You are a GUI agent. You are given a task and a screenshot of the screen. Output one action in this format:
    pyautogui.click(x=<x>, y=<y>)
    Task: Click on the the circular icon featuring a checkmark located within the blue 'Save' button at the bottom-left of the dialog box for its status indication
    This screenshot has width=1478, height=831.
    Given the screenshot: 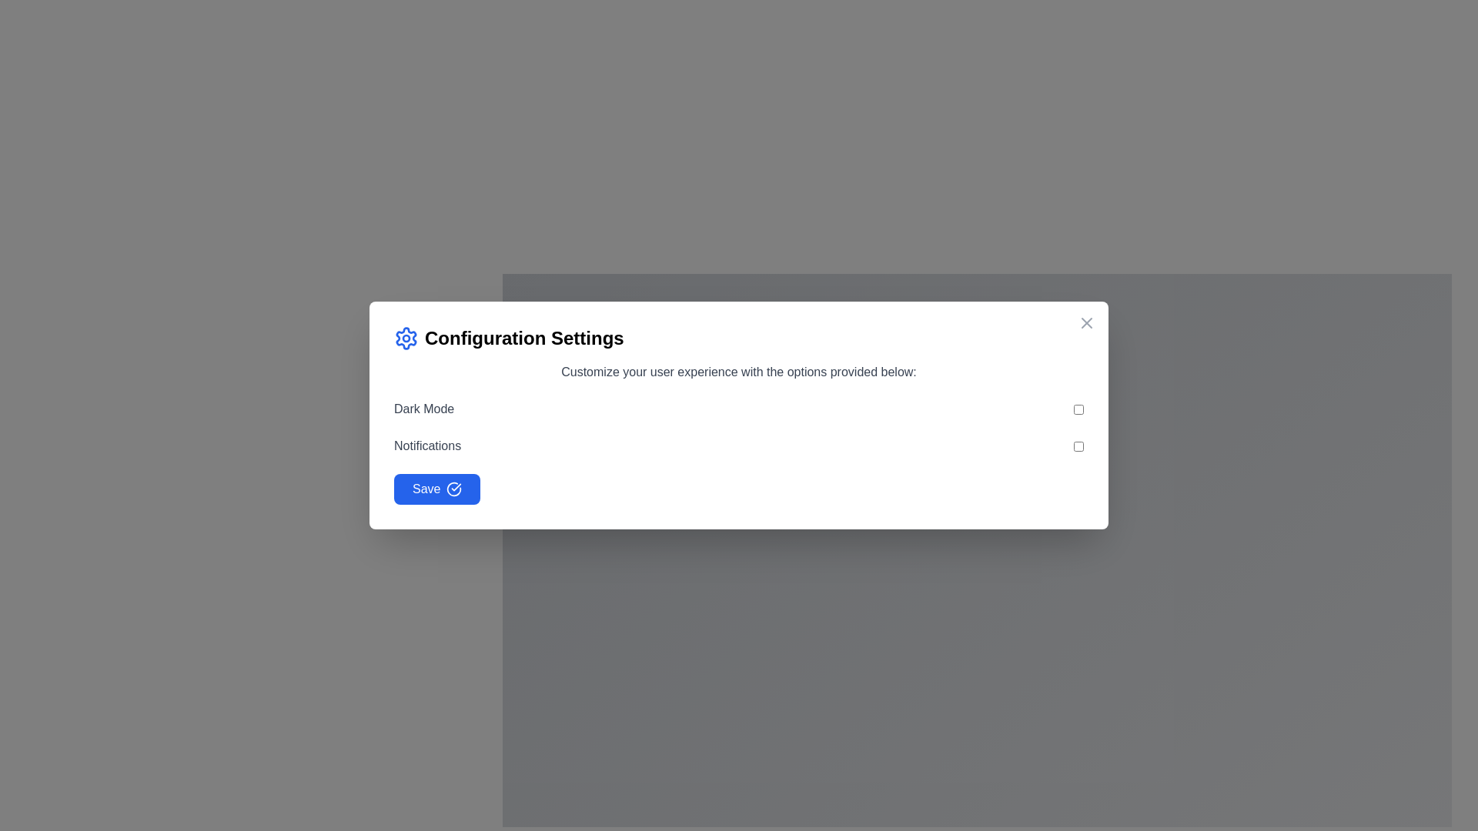 What is the action you would take?
    pyautogui.click(x=453, y=489)
    